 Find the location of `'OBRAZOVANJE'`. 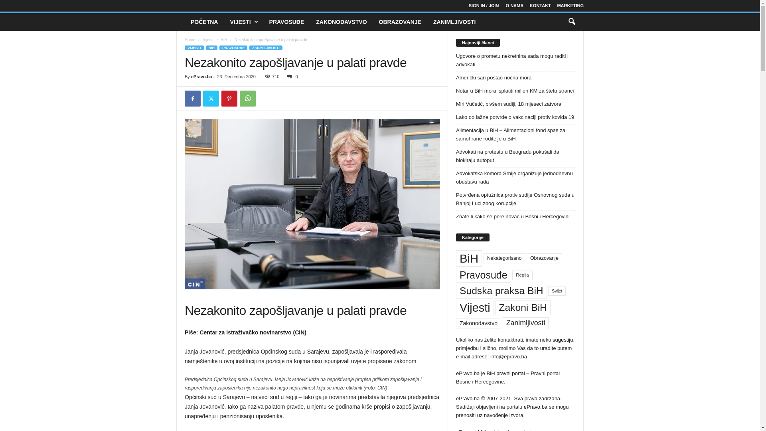

'OBRAZOVANJE' is located at coordinates (400, 21).